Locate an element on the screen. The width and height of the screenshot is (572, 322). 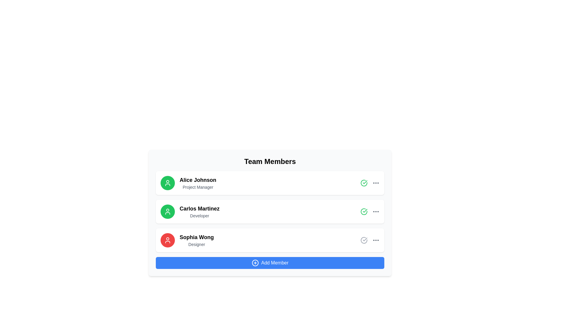
the Horizontal Ellipsis Icon located as the third interactive item on the right side of the third row in the 'Team Members' section is located at coordinates (376, 240).